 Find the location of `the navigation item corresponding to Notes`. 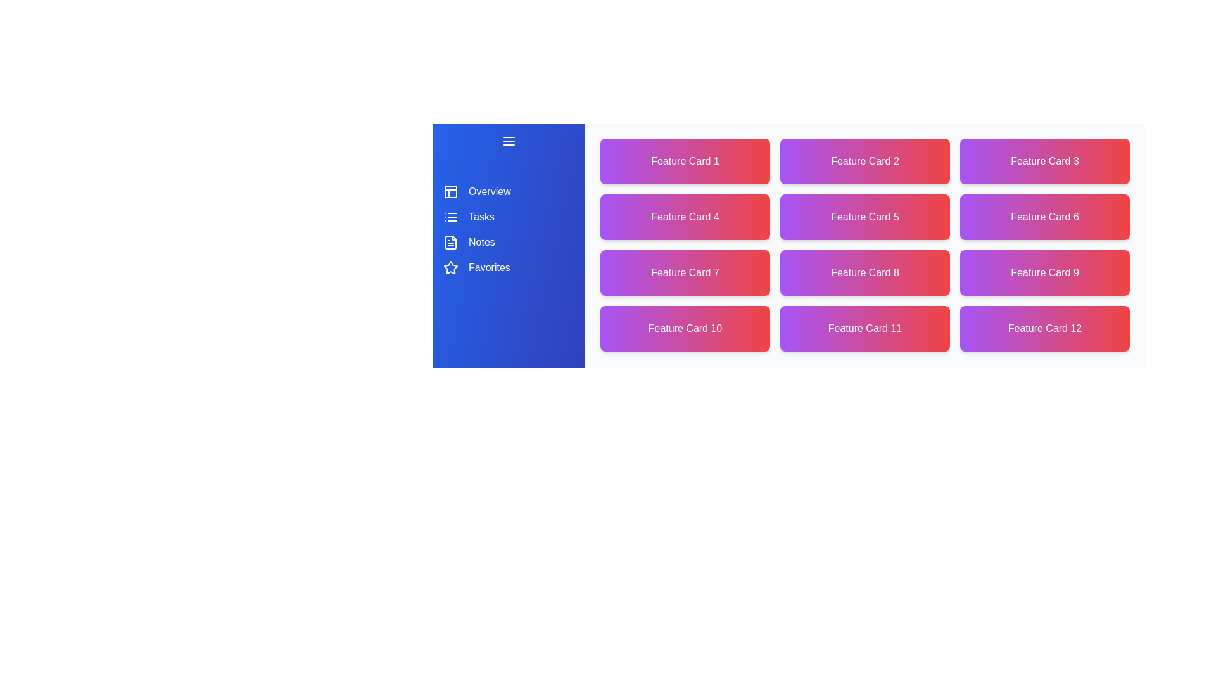

the navigation item corresponding to Notes is located at coordinates (509, 242).